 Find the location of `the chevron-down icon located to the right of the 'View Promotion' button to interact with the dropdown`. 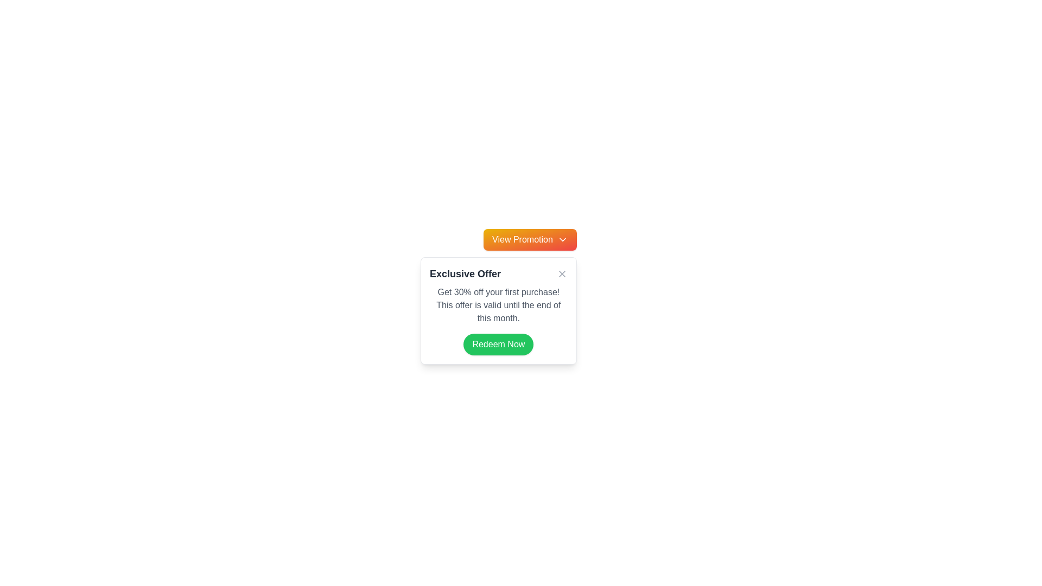

the chevron-down icon located to the right of the 'View Promotion' button to interact with the dropdown is located at coordinates (562, 239).